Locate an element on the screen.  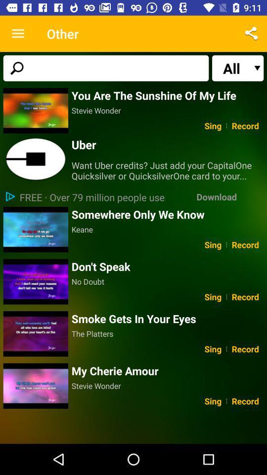
search is located at coordinates (105, 67).